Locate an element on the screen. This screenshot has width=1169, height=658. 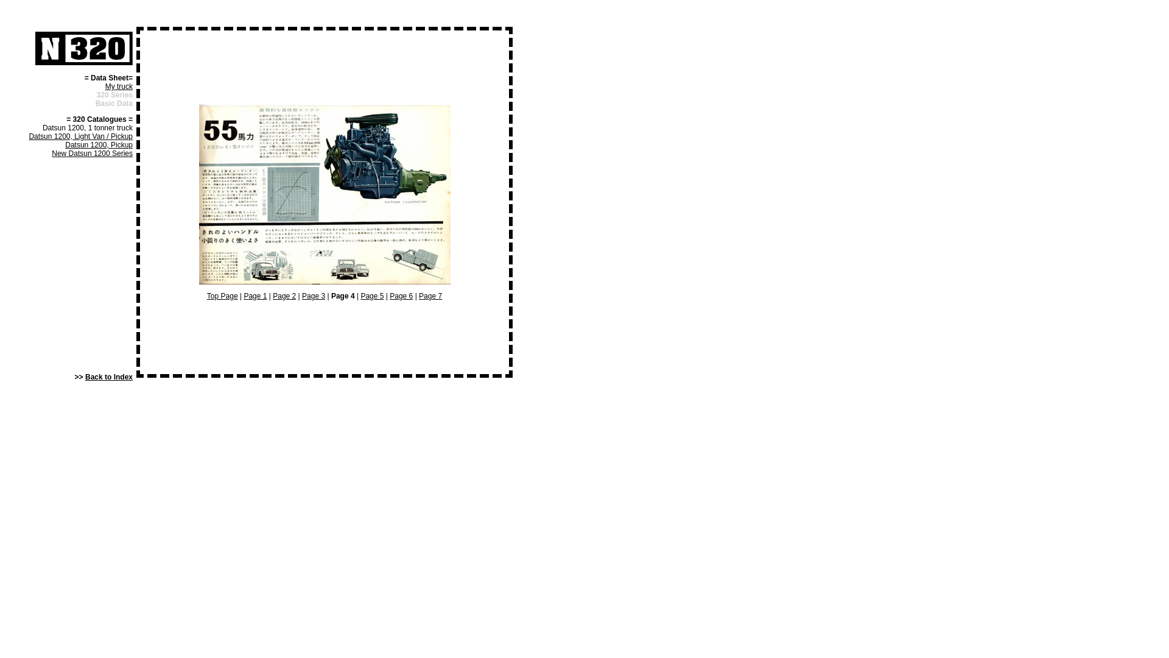
'Datsun 1200, Pickup' is located at coordinates (99, 144).